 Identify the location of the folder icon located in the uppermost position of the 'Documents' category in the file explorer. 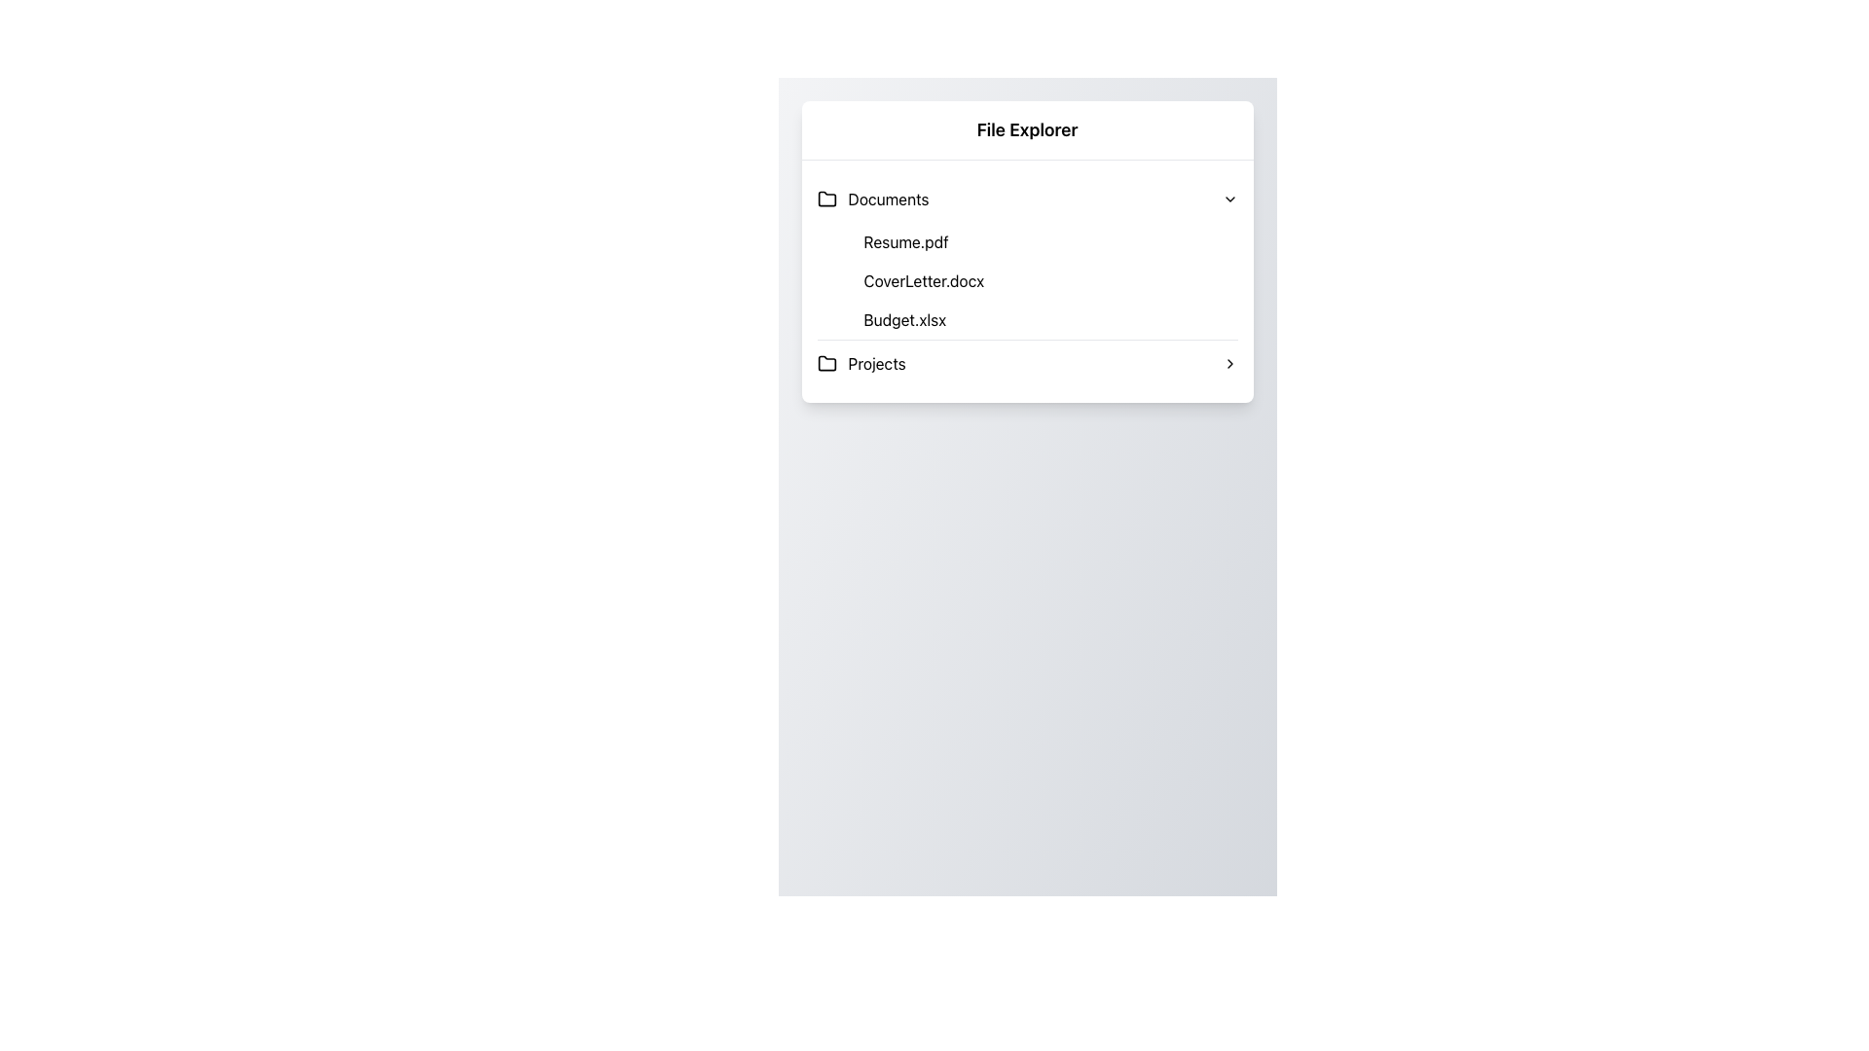
(826, 199).